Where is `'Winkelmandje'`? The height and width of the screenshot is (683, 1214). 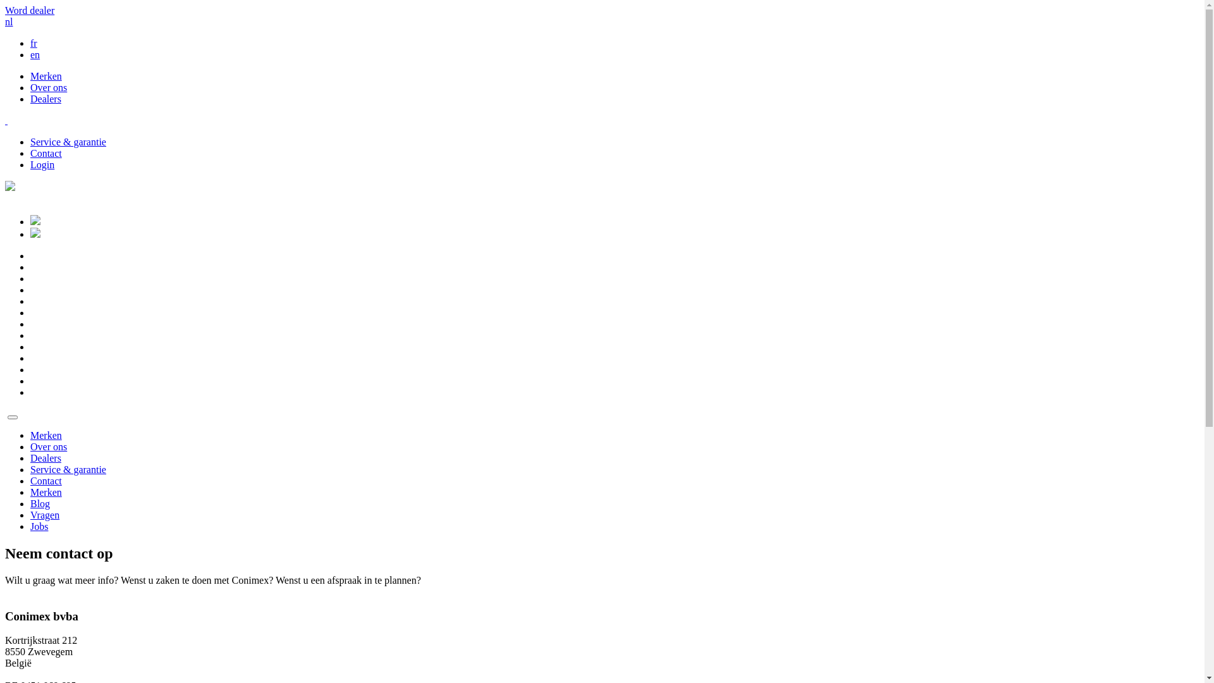 'Winkelmandje' is located at coordinates (35, 234).